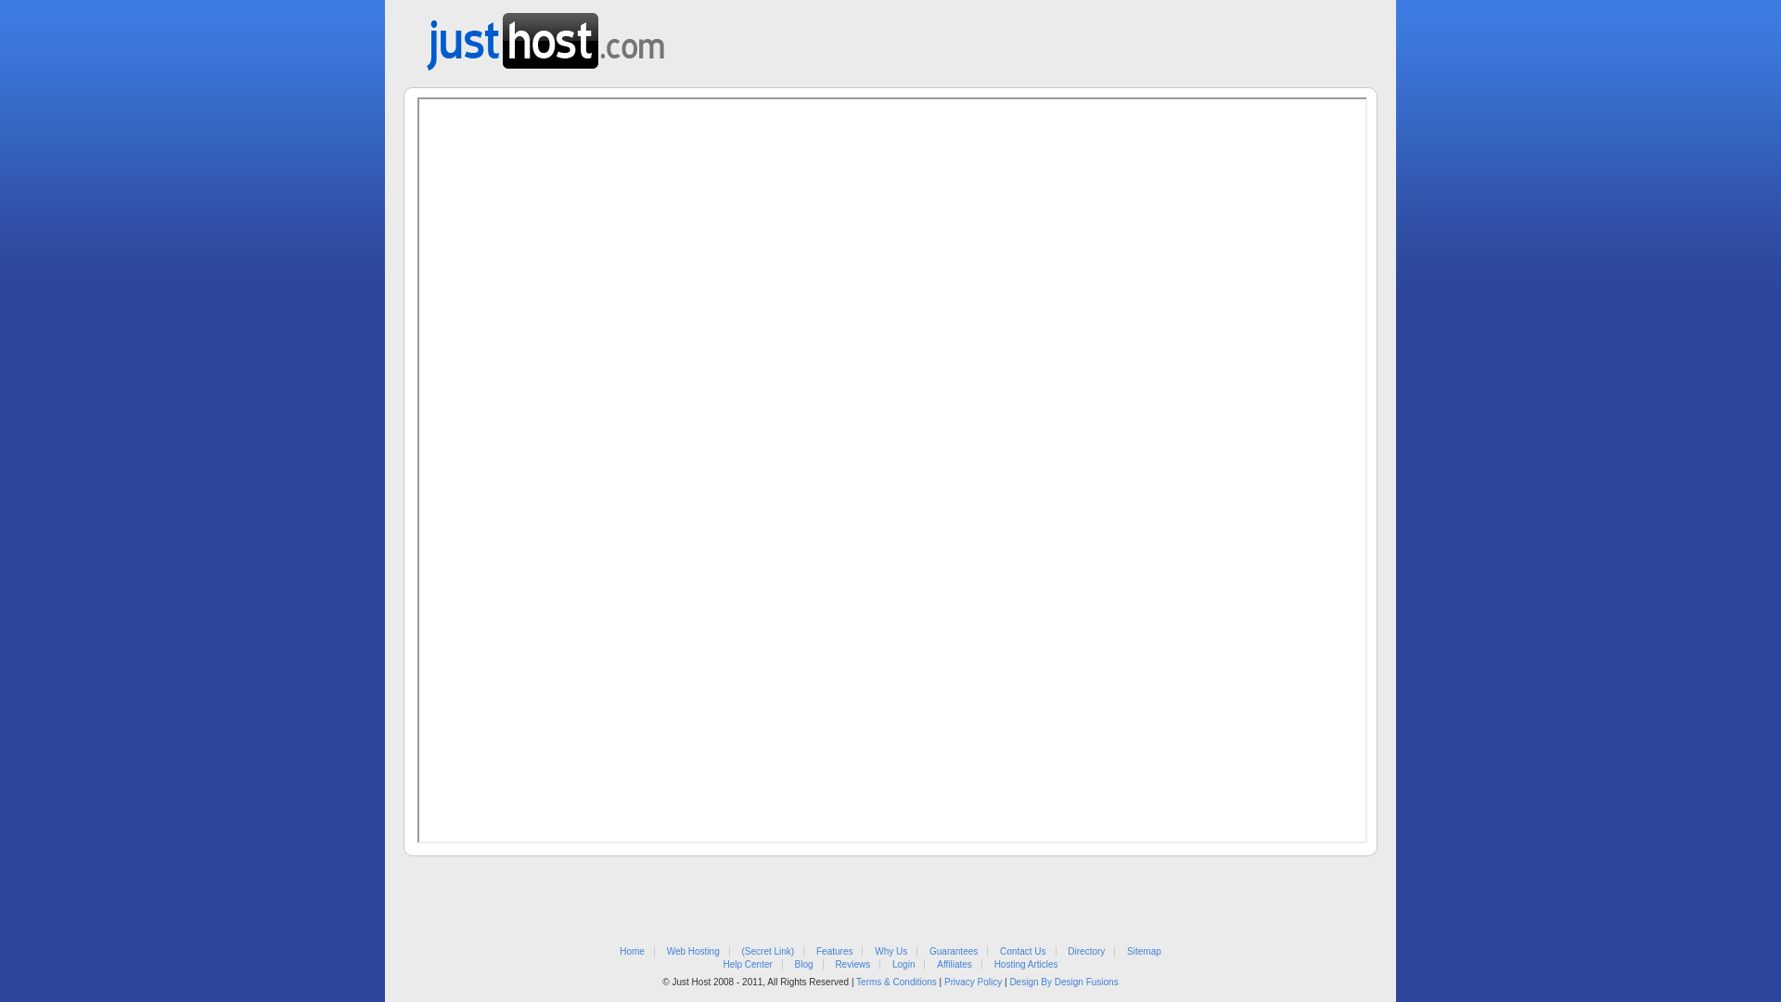  Describe the element at coordinates (1021, 951) in the screenshot. I see `'Contact Us'` at that location.